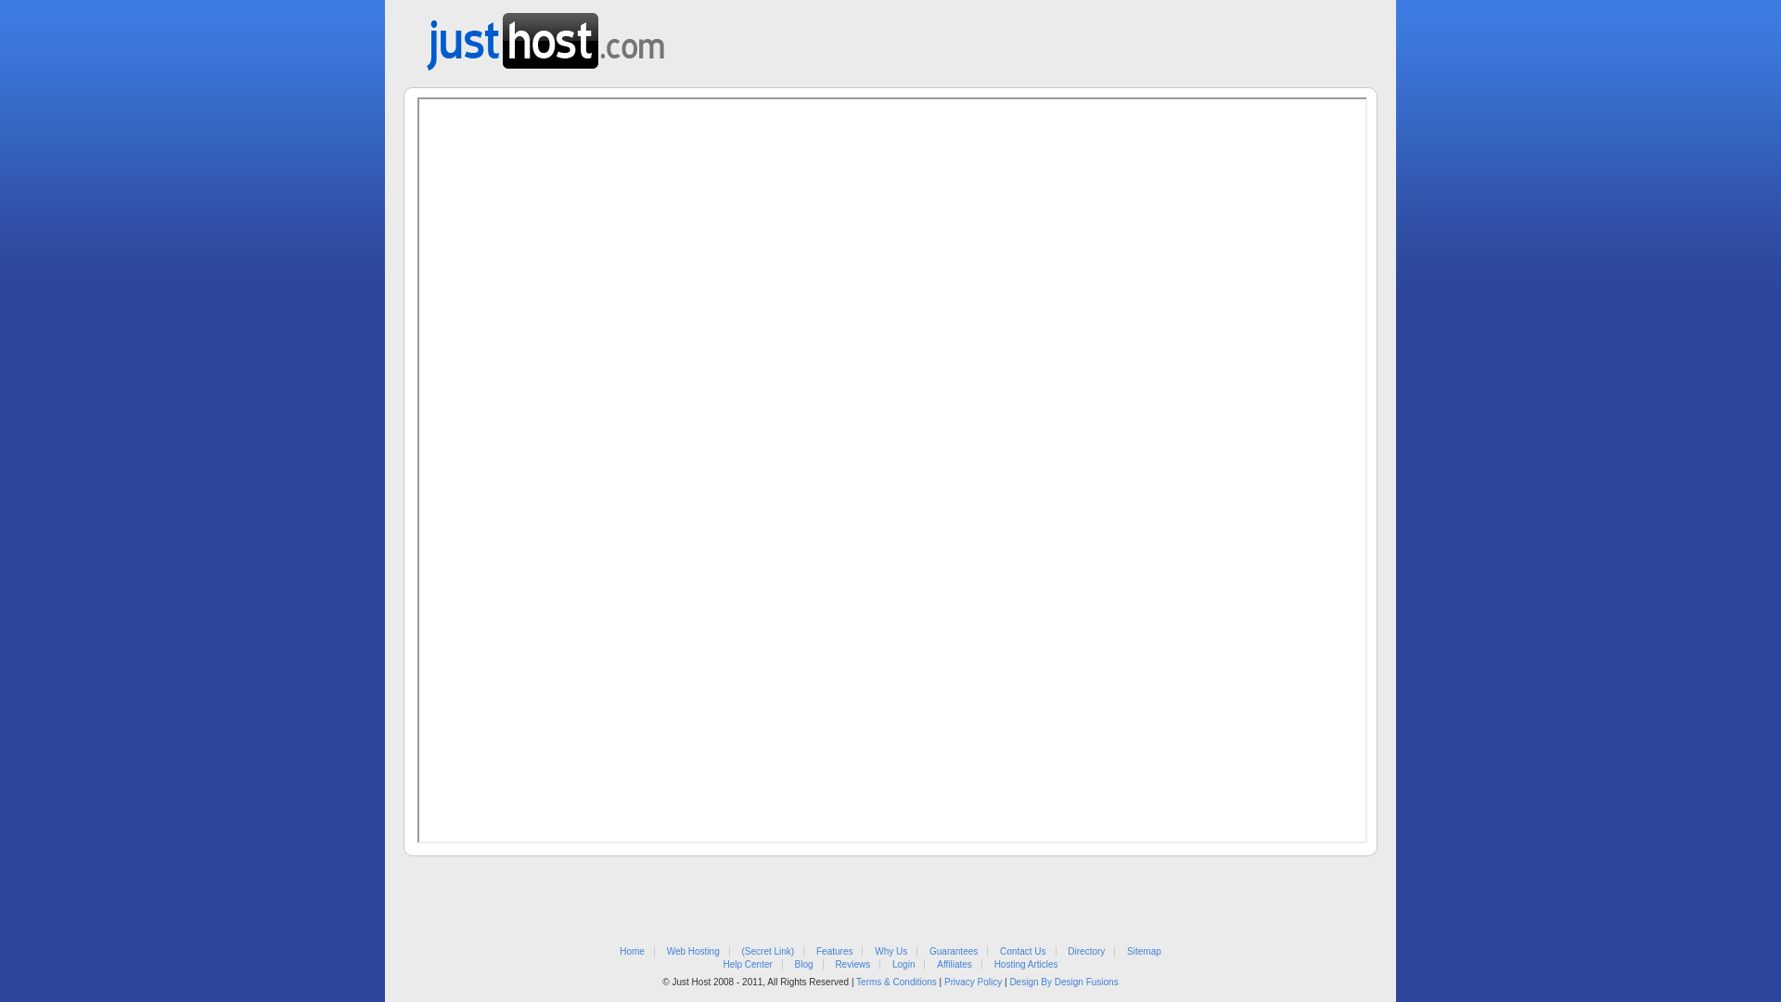  Describe the element at coordinates (1021, 951) in the screenshot. I see `'Contact Us'` at that location.